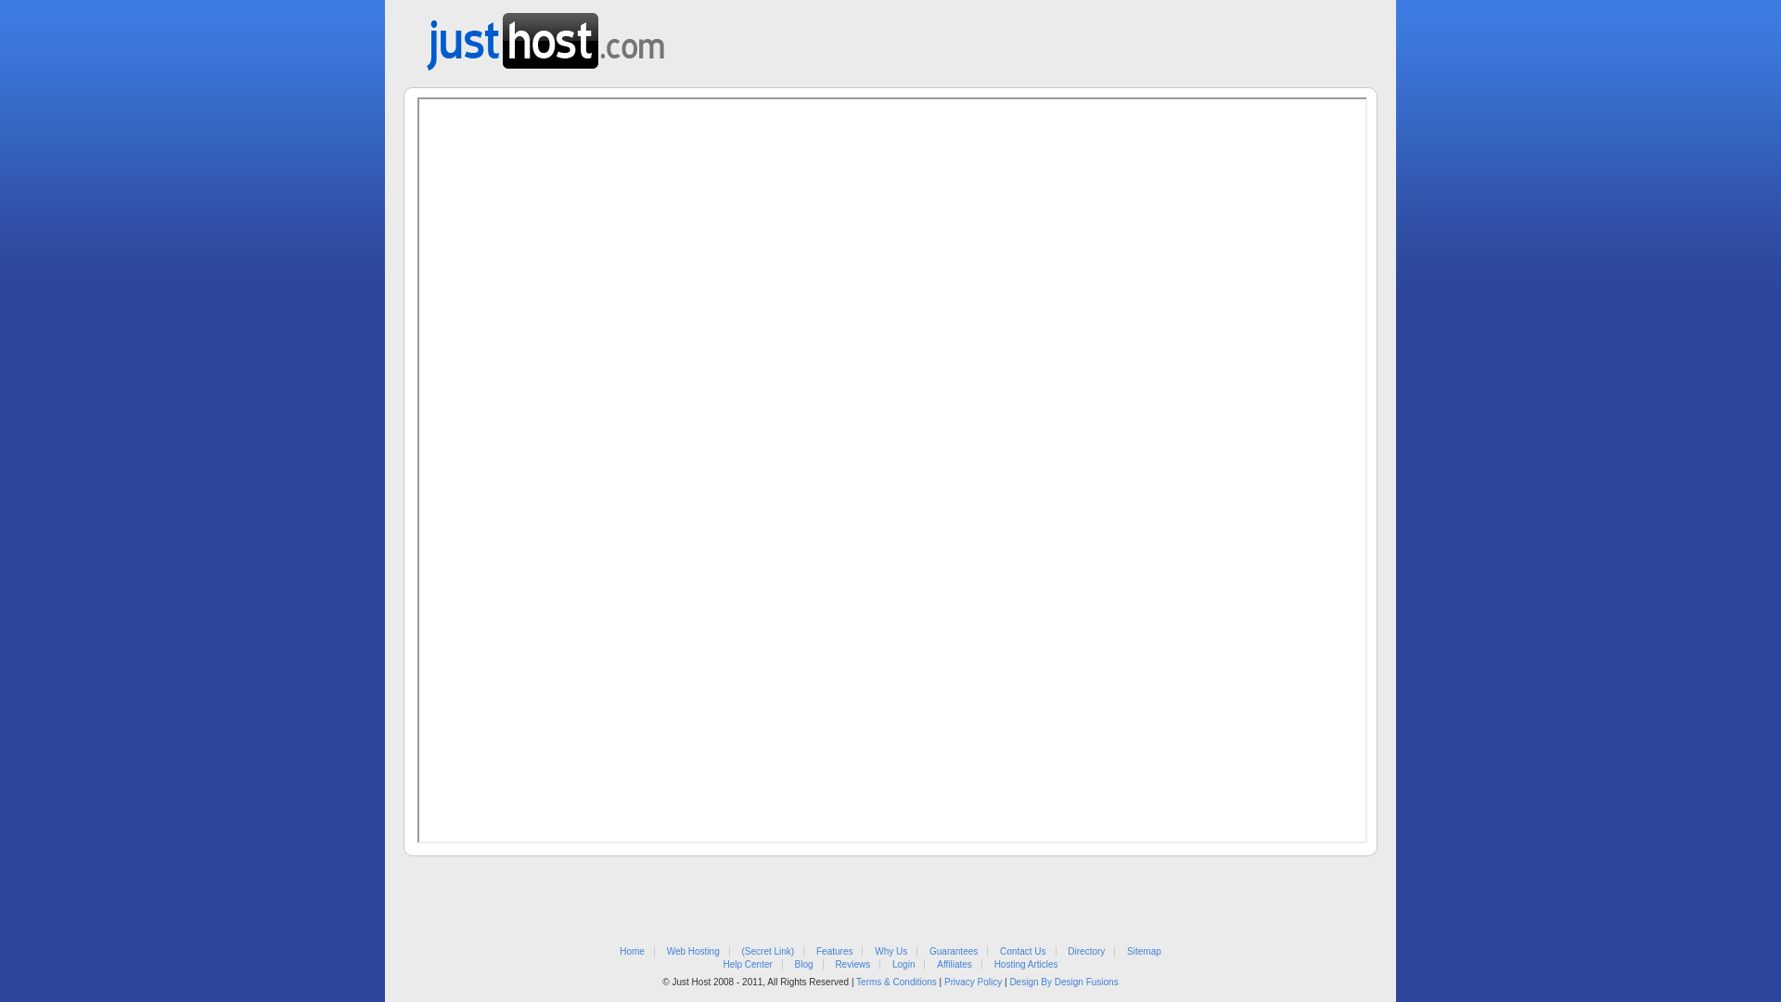  Describe the element at coordinates (1021, 951) in the screenshot. I see `'Contact Us'` at that location.